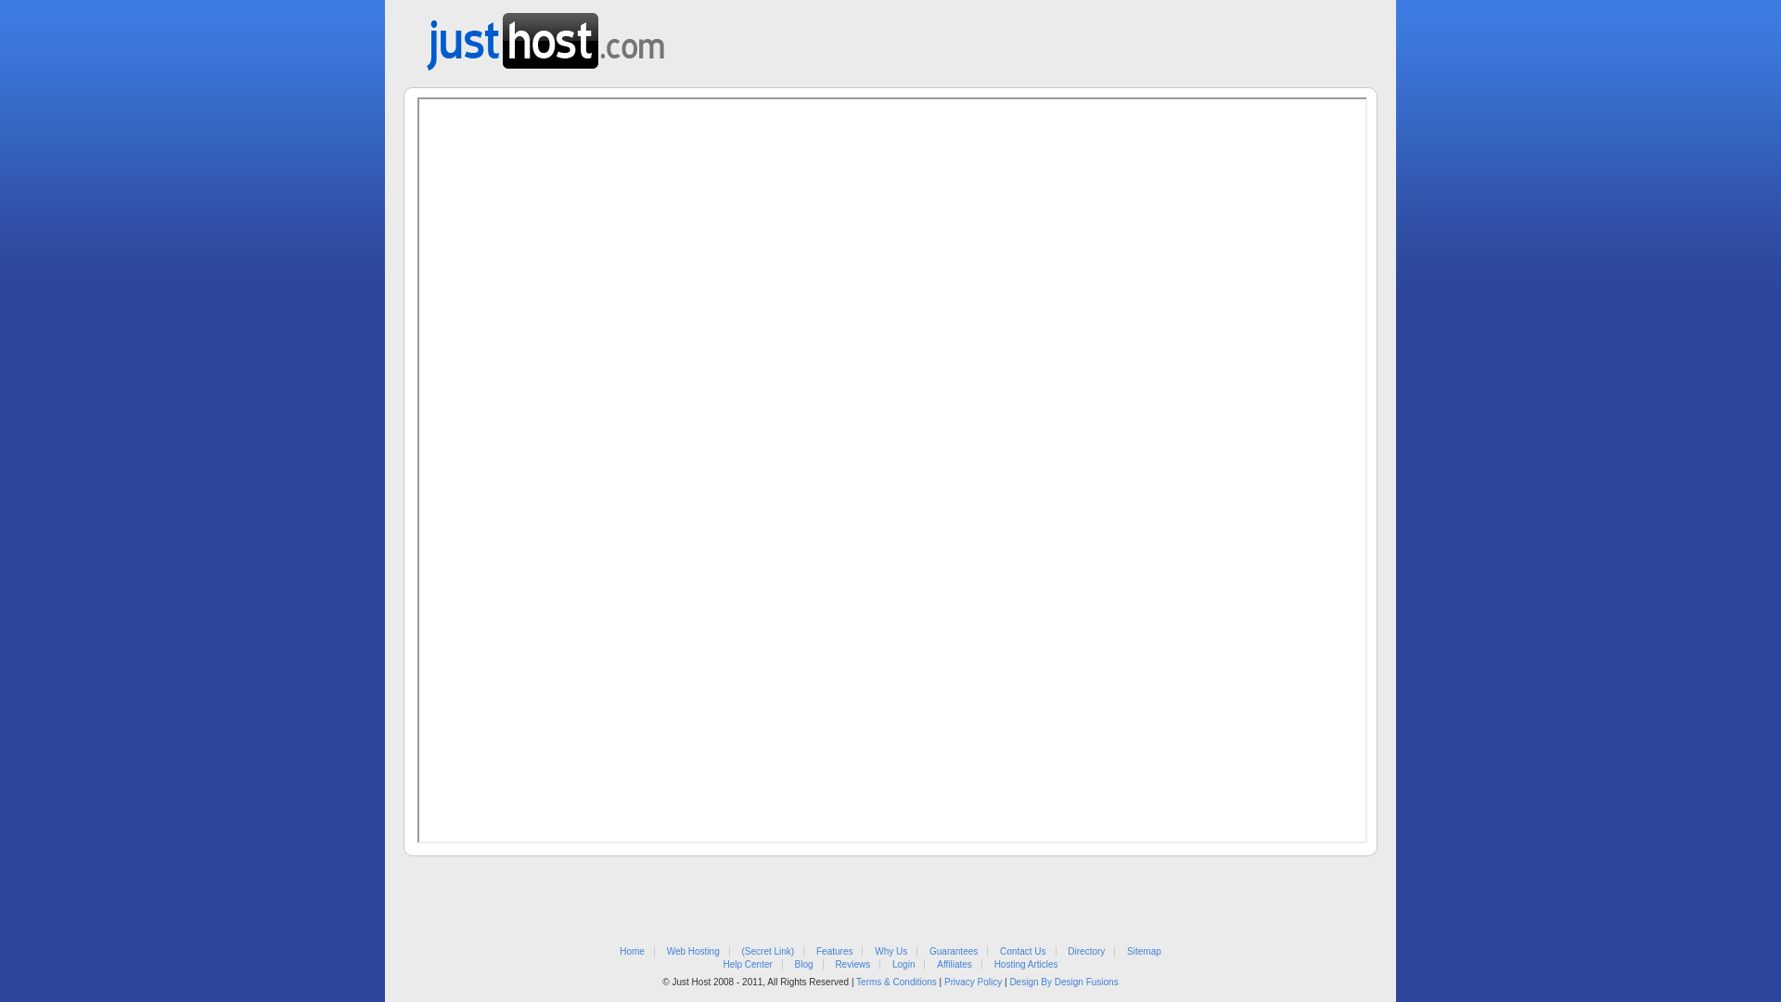  Describe the element at coordinates (1021, 951) in the screenshot. I see `'Contact Us'` at that location.